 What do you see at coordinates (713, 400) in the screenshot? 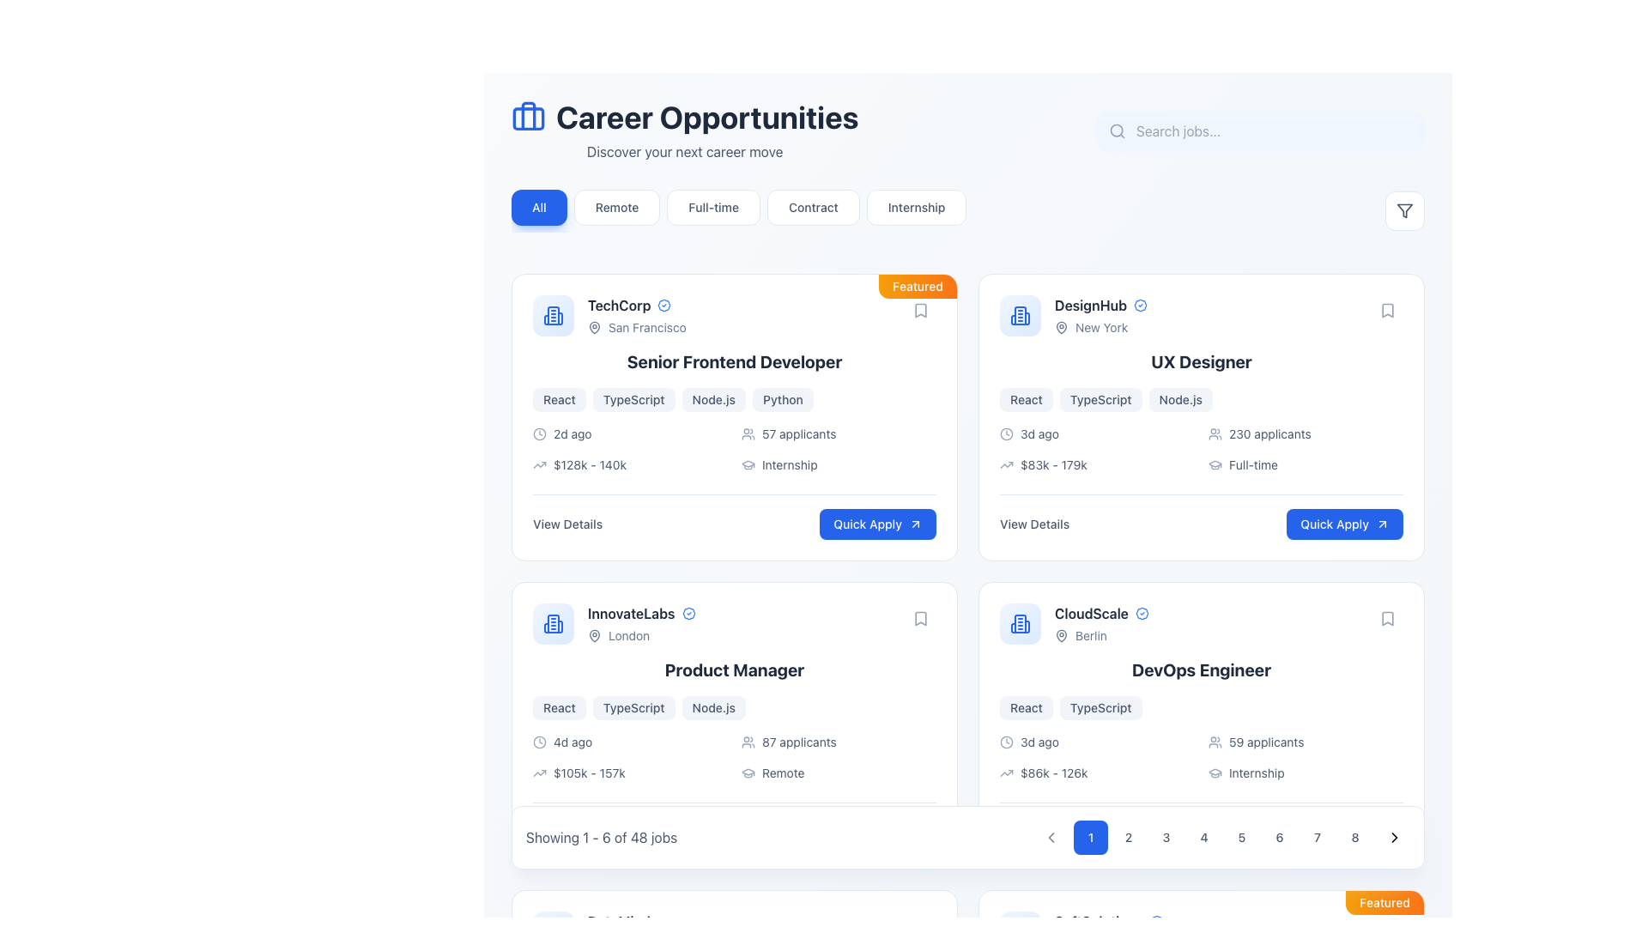
I see `the displayed text of the third badge representing a technology or skill requirement associated with the job posting for 'Senior Frontend Developer' at 'TechCorp.'` at bounding box center [713, 400].